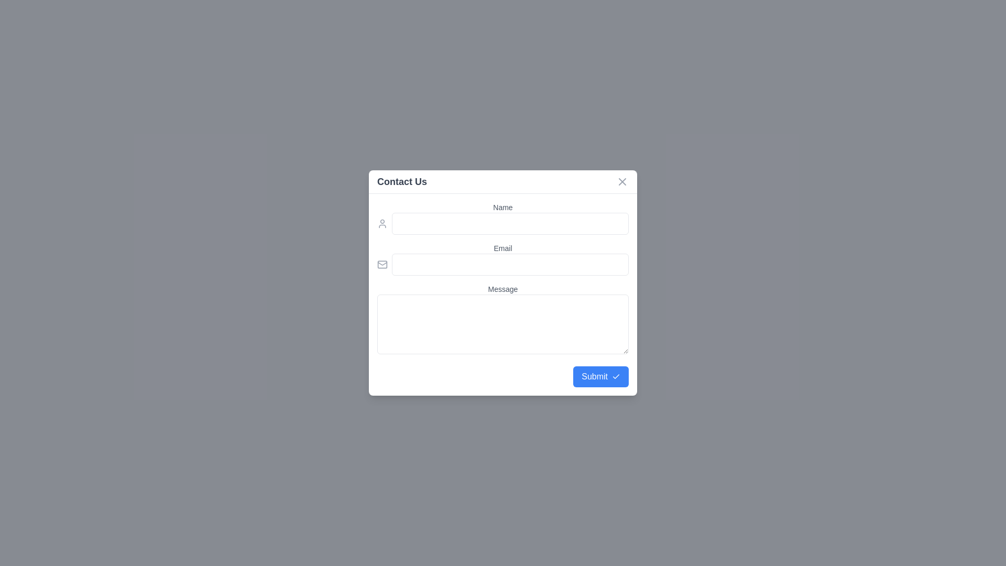 This screenshot has height=566, width=1006. I want to click on label 'Email' which is a small gray text label positioned above the email input field in the form layout, so click(503, 248).